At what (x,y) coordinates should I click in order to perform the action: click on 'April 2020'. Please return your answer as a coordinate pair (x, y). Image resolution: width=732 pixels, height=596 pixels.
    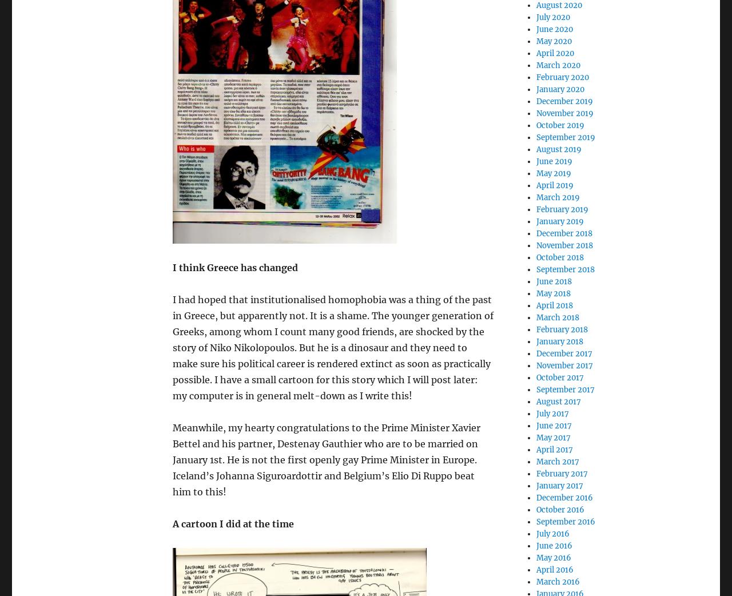
    Looking at the image, I should click on (554, 53).